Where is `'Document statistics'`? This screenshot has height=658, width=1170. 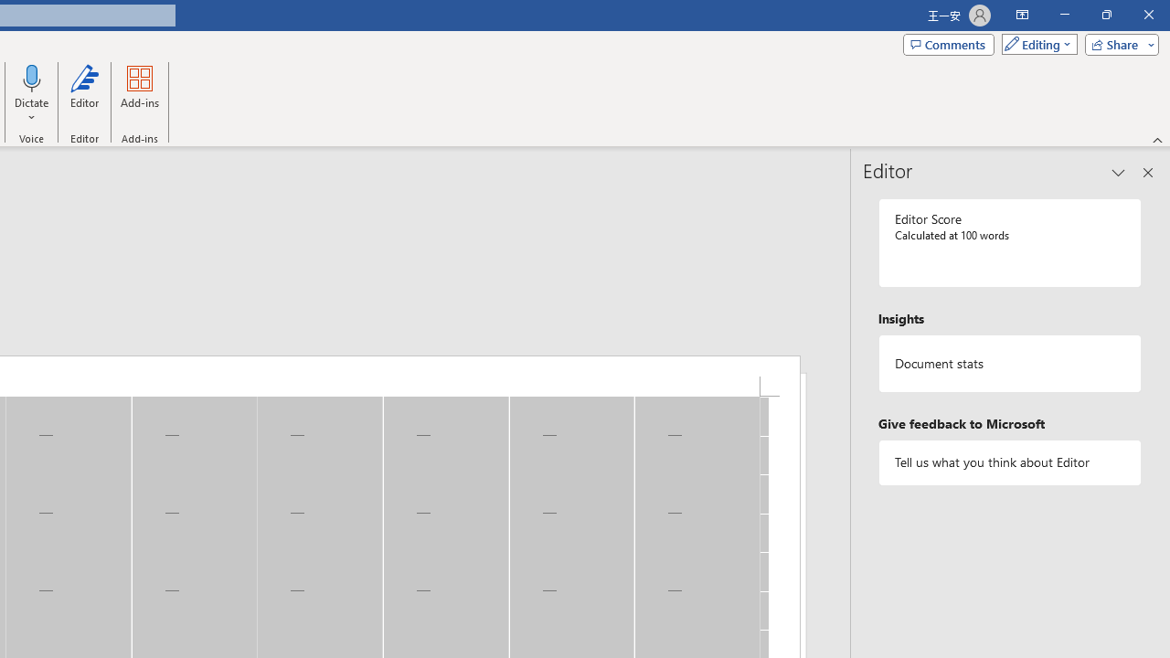
'Document statistics' is located at coordinates (1009, 364).